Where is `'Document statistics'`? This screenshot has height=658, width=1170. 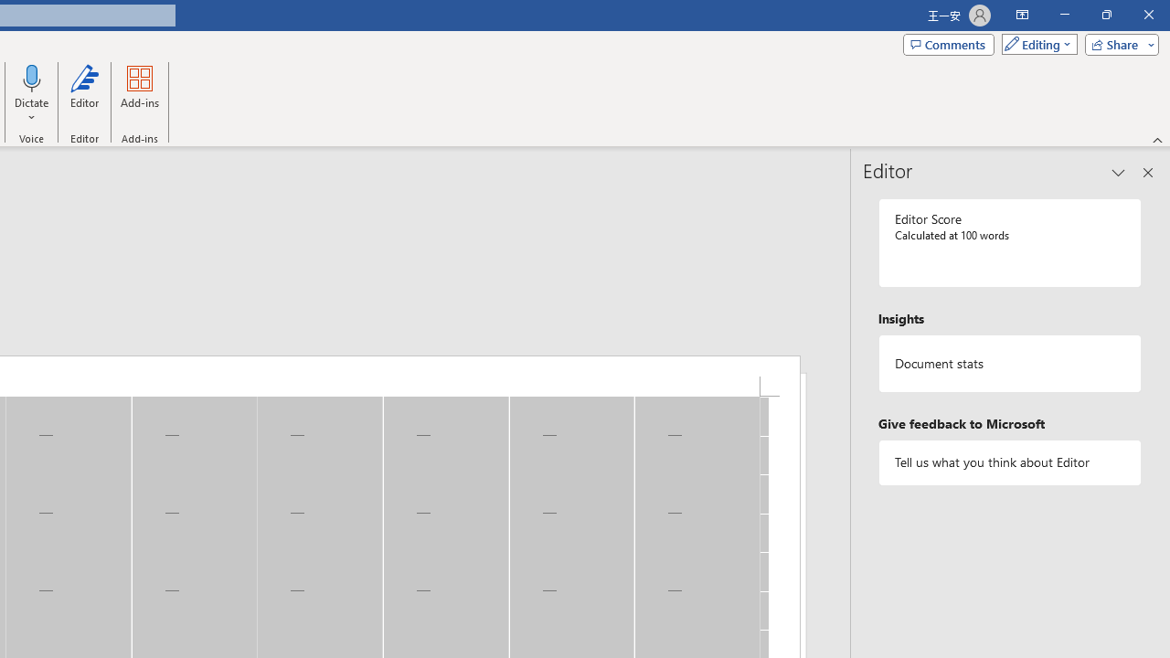
'Document statistics' is located at coordinates (1009, 364).